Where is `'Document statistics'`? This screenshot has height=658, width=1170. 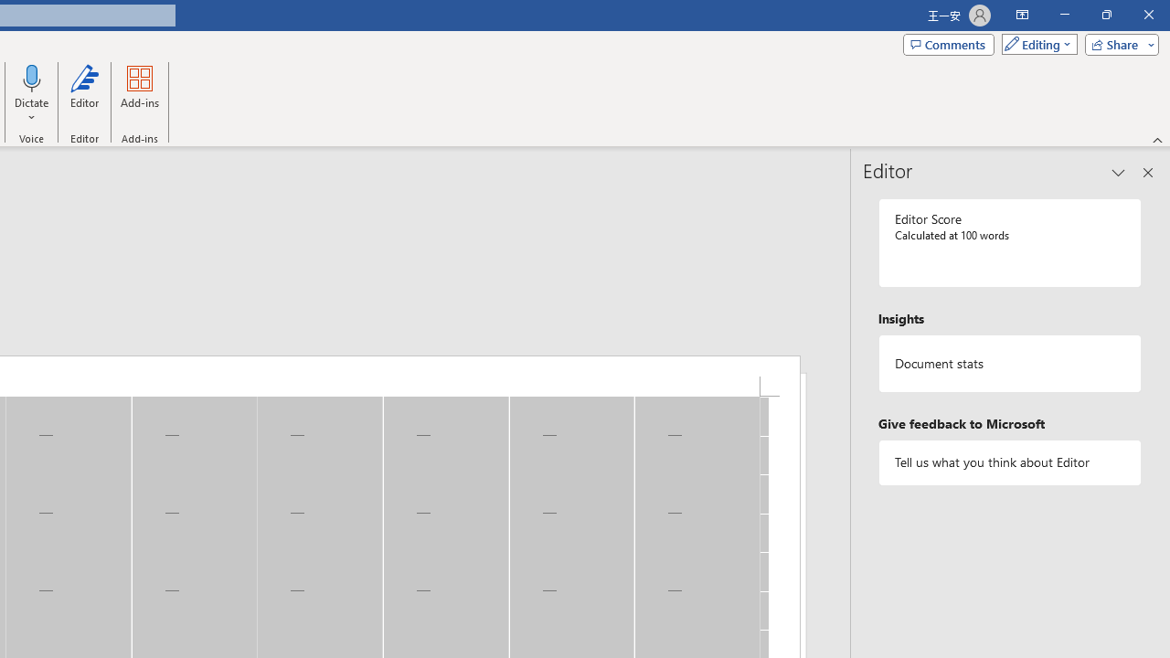
'Document statistics' is located at coordinates (1009, 364).